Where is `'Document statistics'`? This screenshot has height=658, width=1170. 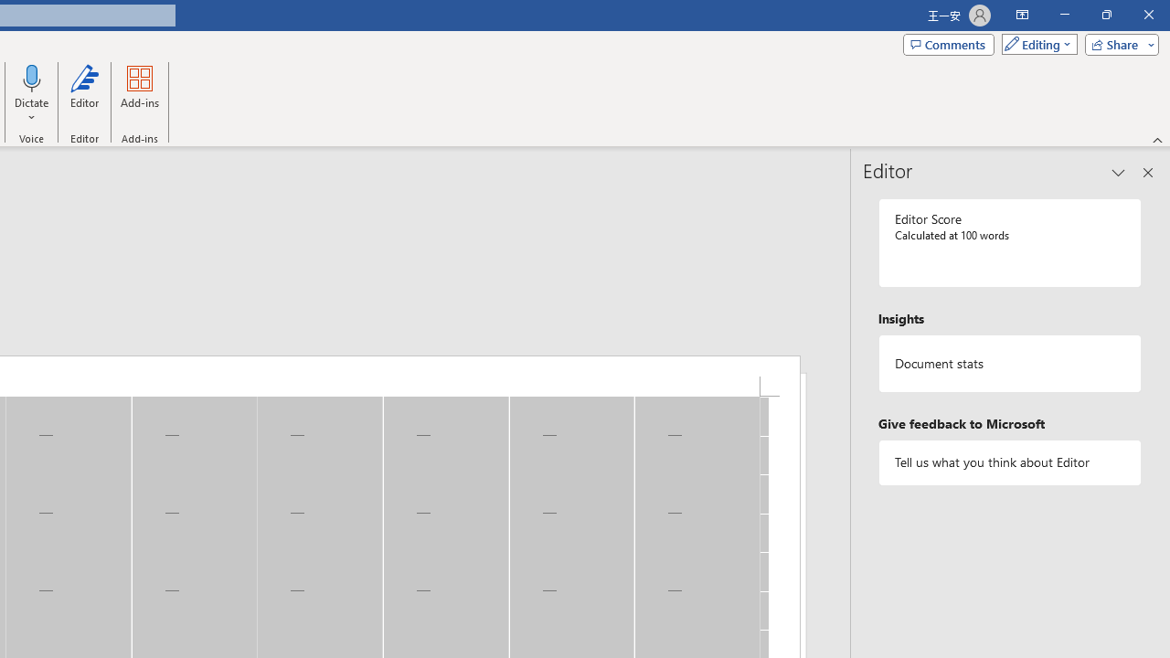
'Document statistics' is located at coordinates (1009, 364).